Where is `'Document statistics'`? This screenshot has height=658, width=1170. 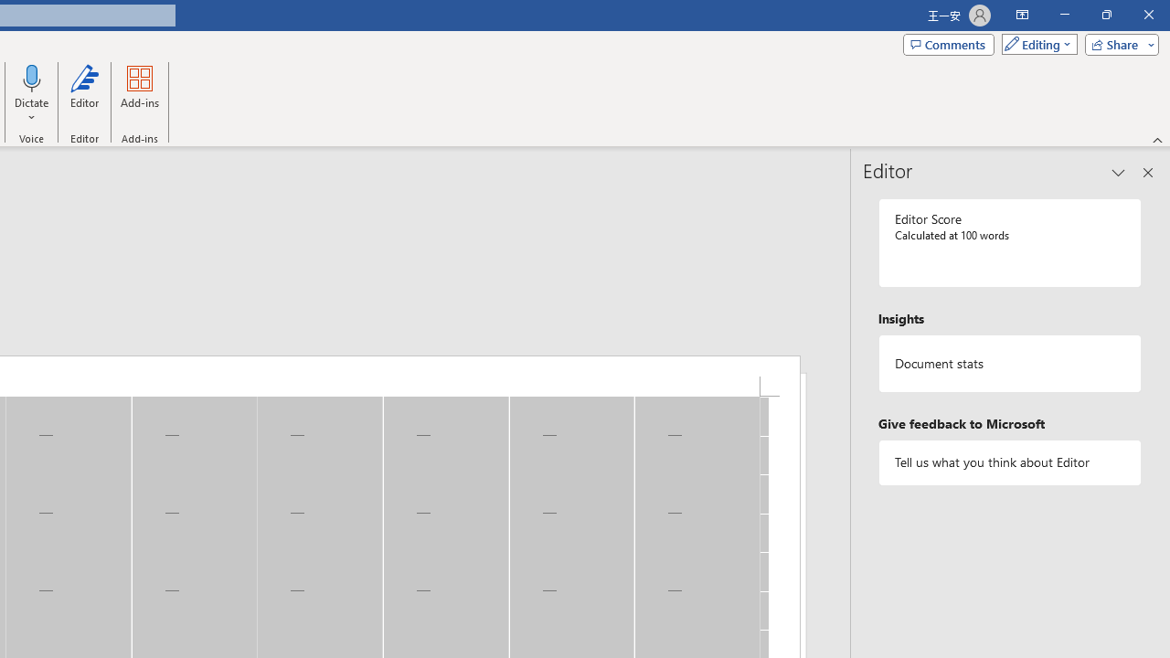
'Document statistics' is located at coordinates (1009, 364).